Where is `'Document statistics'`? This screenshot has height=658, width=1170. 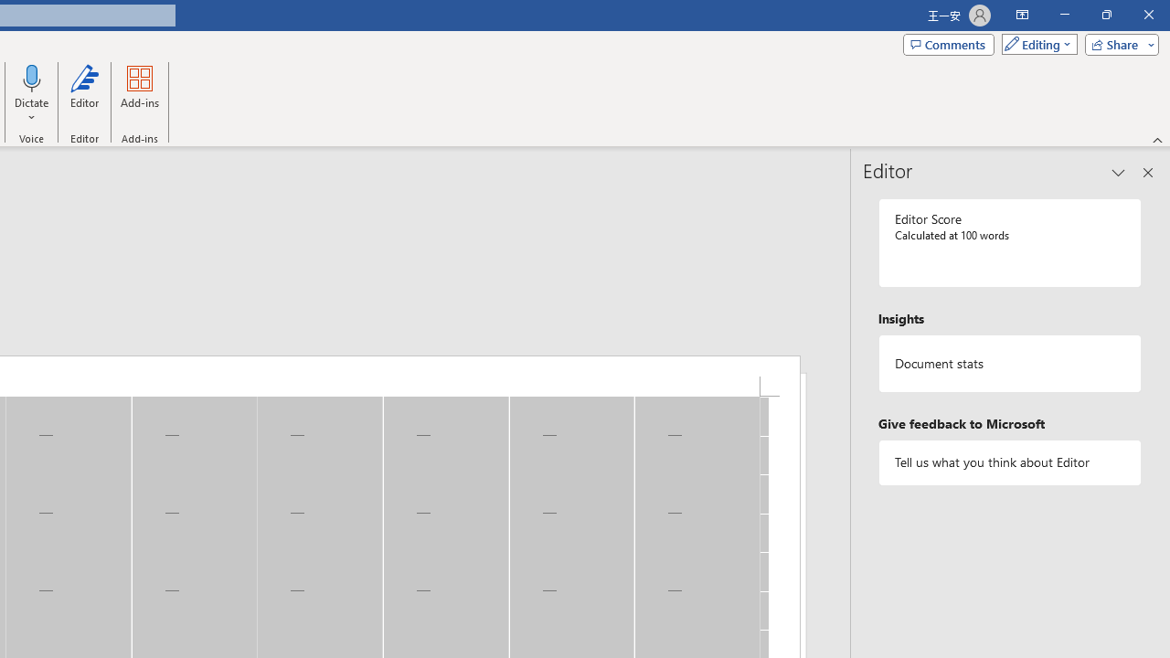
'Document statistics' is located at coordinates (1009, 364).